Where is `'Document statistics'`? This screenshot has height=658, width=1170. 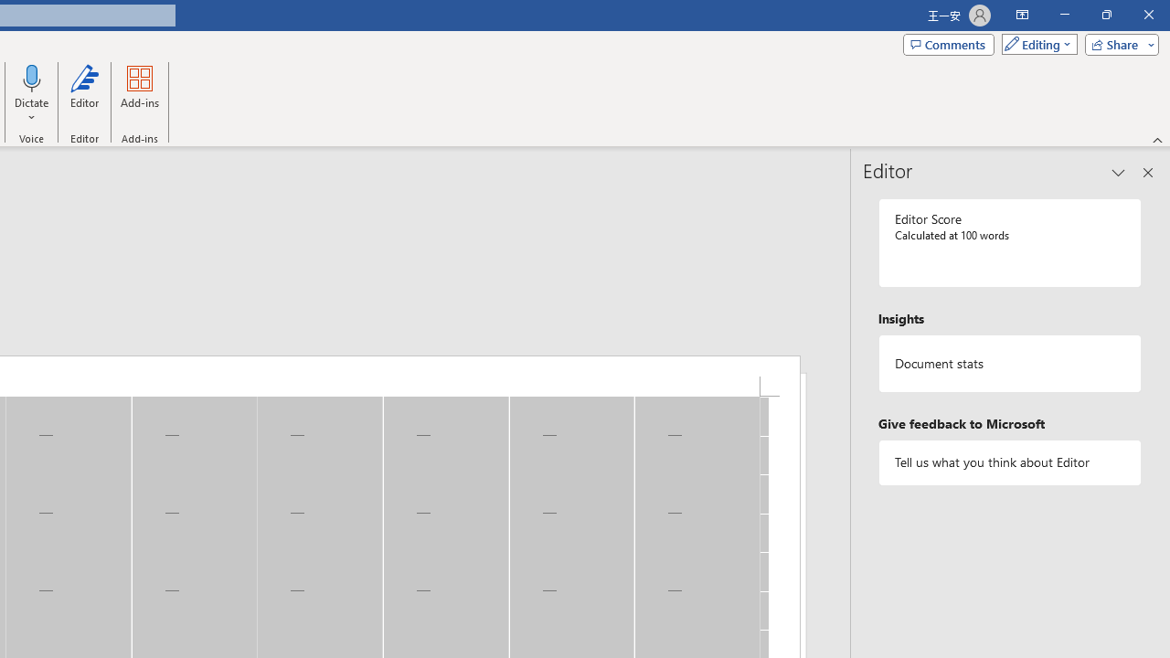
'Document statistics' is located at coordinates (1009, 364).